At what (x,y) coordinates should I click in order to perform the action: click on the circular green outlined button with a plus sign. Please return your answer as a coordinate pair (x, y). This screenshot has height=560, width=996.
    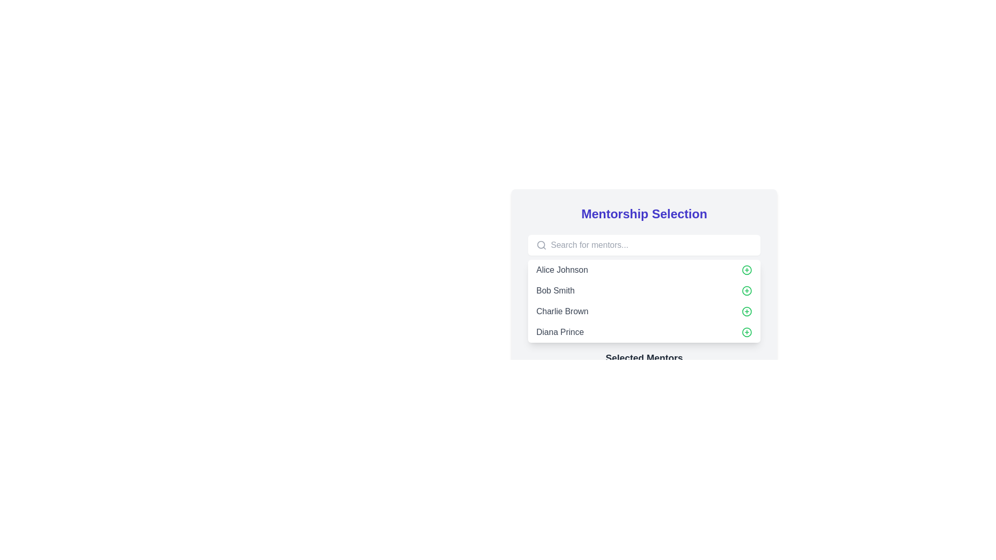
    Looking at the image, I should click on (747, 332).